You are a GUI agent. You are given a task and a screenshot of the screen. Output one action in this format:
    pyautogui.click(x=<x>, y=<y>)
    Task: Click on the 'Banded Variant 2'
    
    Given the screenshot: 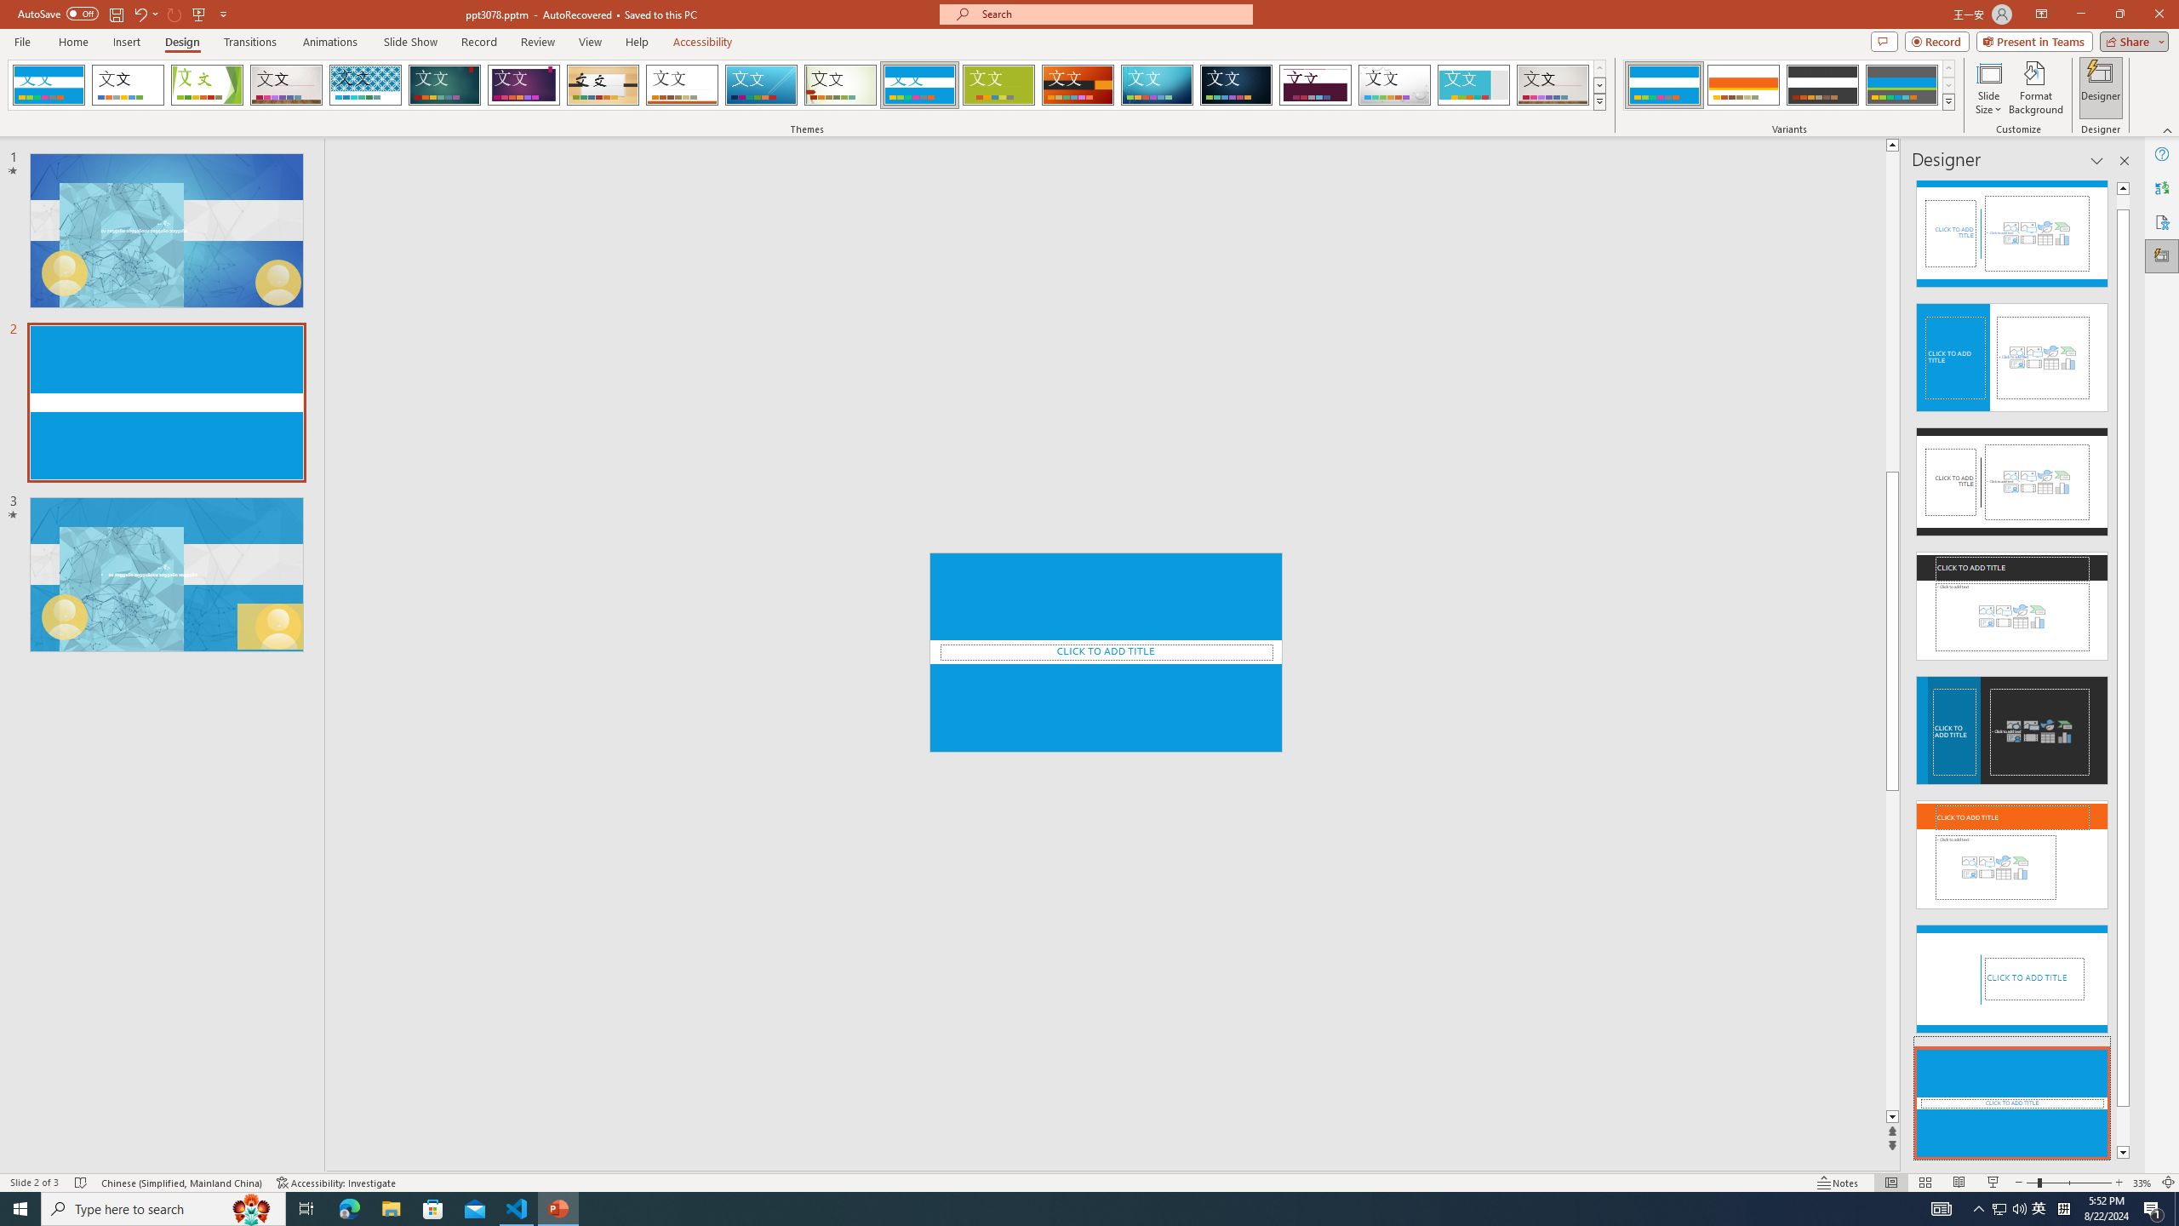 What is the action you would take?
    pyautogui.click(x=1742, y=84)
    